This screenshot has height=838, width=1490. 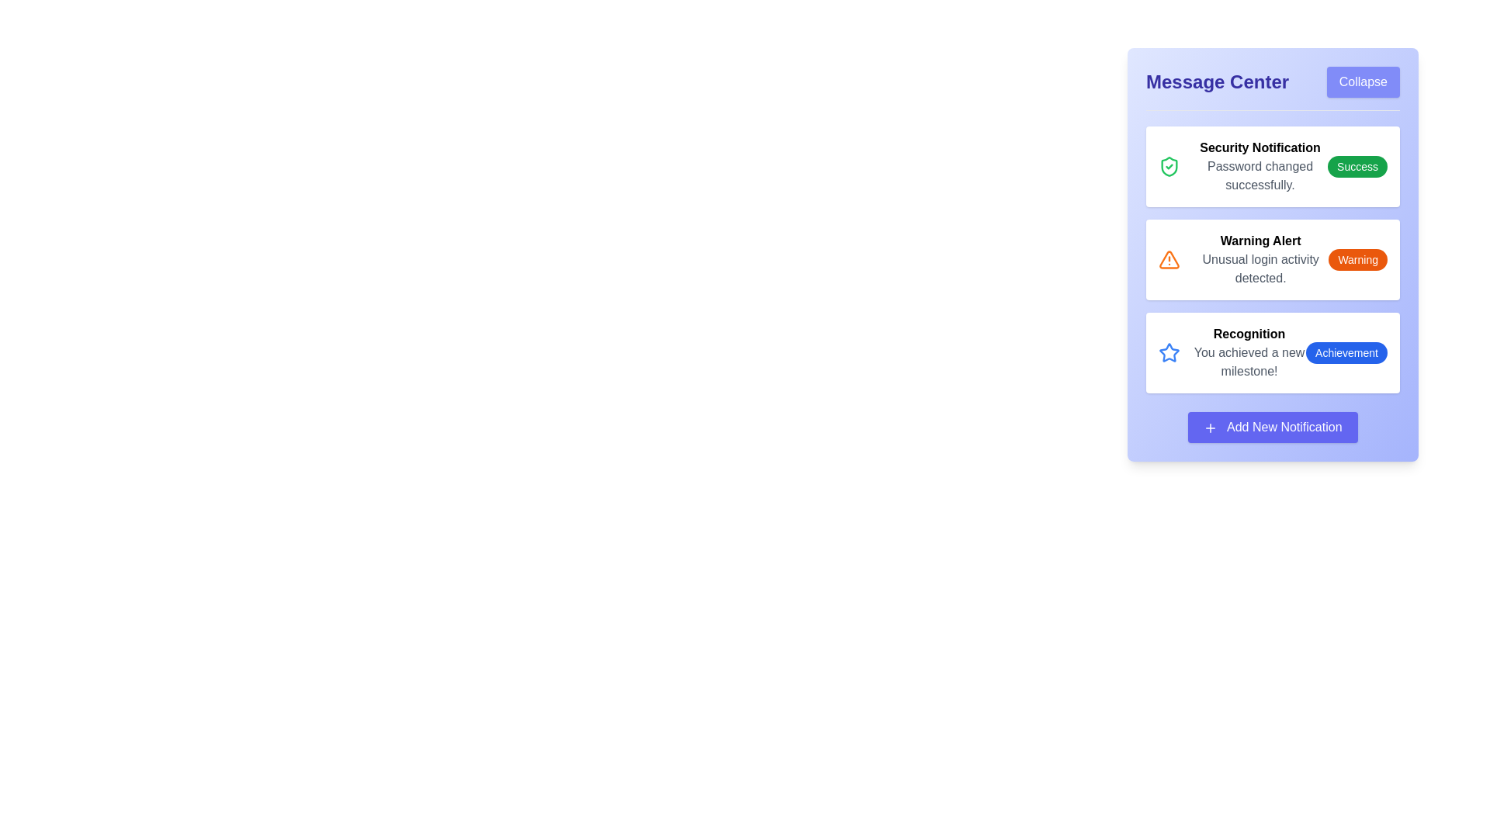 What do you see at coordinates (1249, 362) in the screenshot?
I see `the text component displaying 'You achieved a new milestone!' located below the title 'Recognition' in the Message Center` at bounding box center [1249, 362].